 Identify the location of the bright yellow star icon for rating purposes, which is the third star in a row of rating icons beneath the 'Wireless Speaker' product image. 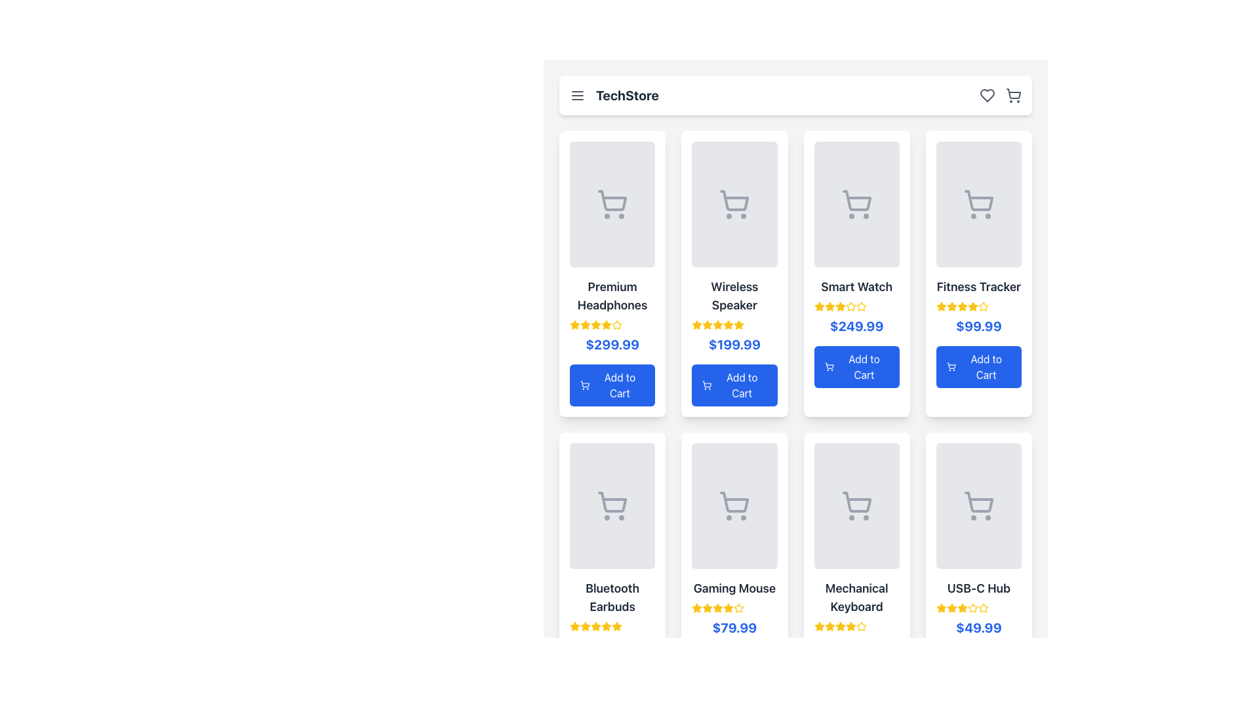
(707, 324).